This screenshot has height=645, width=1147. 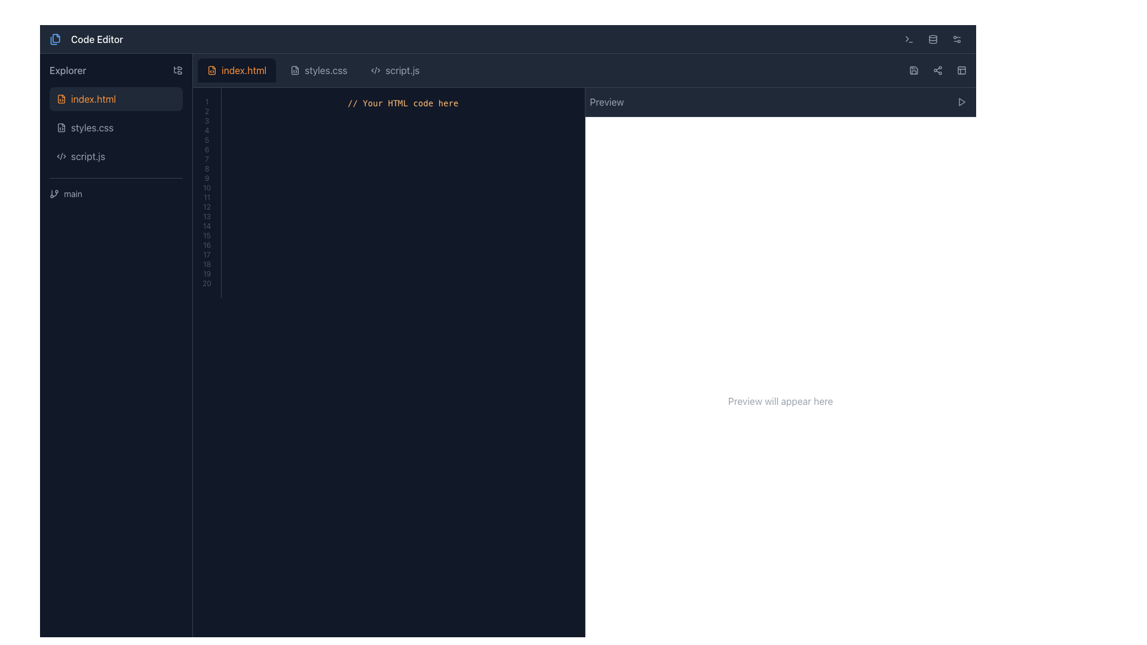 I want to click on the 'index.html' text label in the Explorer sidebar of the code editor, so click(x=93, y=98).